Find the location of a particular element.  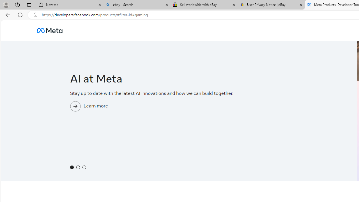

'Show slide 1' is located at coordinates (72, 167).